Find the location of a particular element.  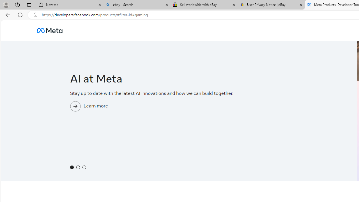

'Show slide 1' is located at coordinates (72, 167).